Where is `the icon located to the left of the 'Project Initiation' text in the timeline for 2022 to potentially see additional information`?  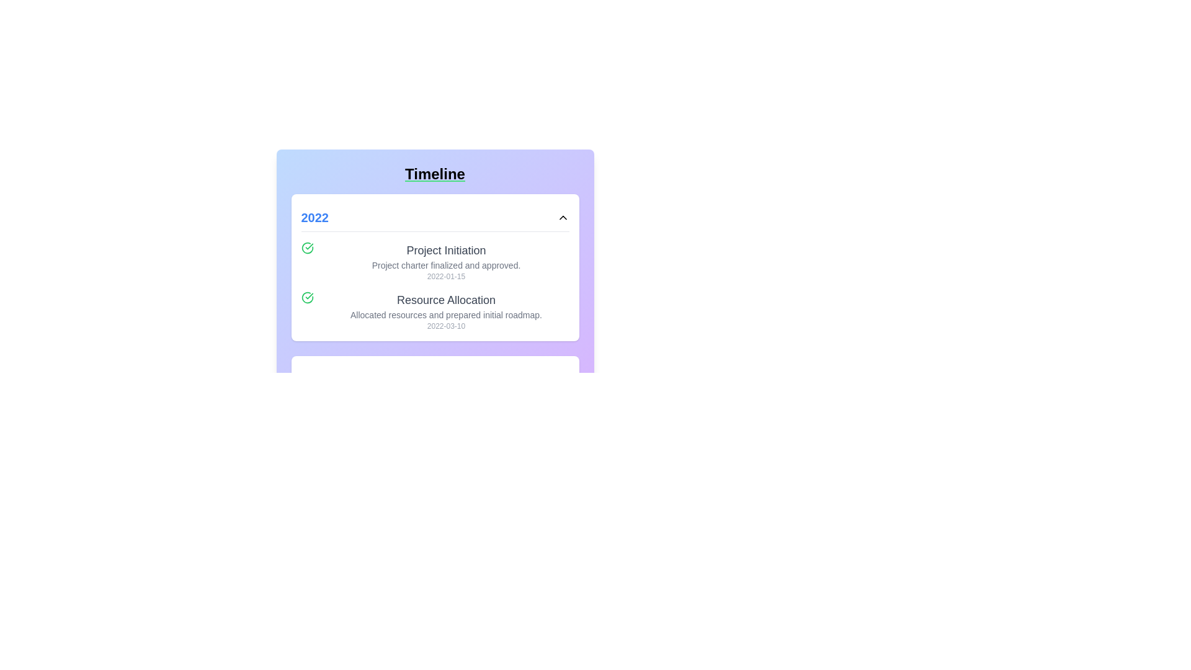
the icon located to the left of the 'Project Initiation' text in the timeline for 2022 to potentially see additional information is located at coordinates (307, 248).